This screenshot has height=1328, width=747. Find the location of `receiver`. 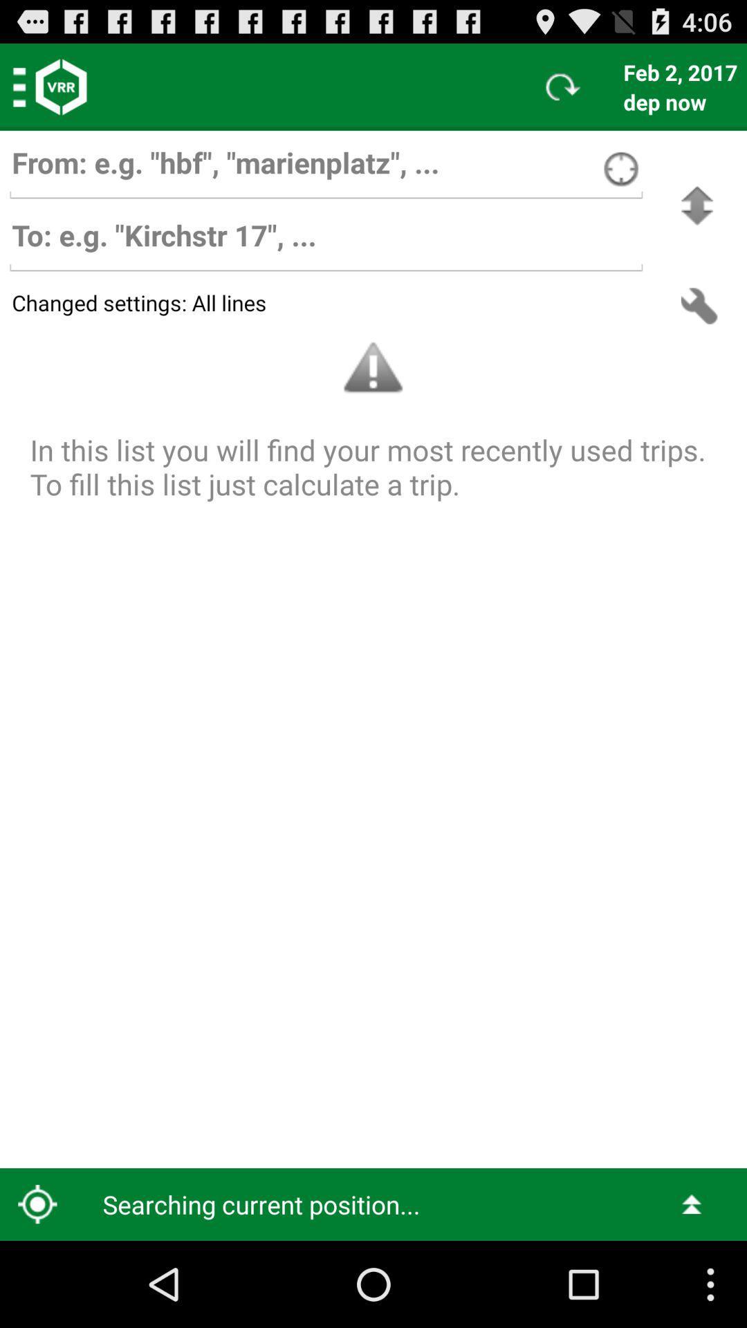

receiver is located at coordinates (326, 242).